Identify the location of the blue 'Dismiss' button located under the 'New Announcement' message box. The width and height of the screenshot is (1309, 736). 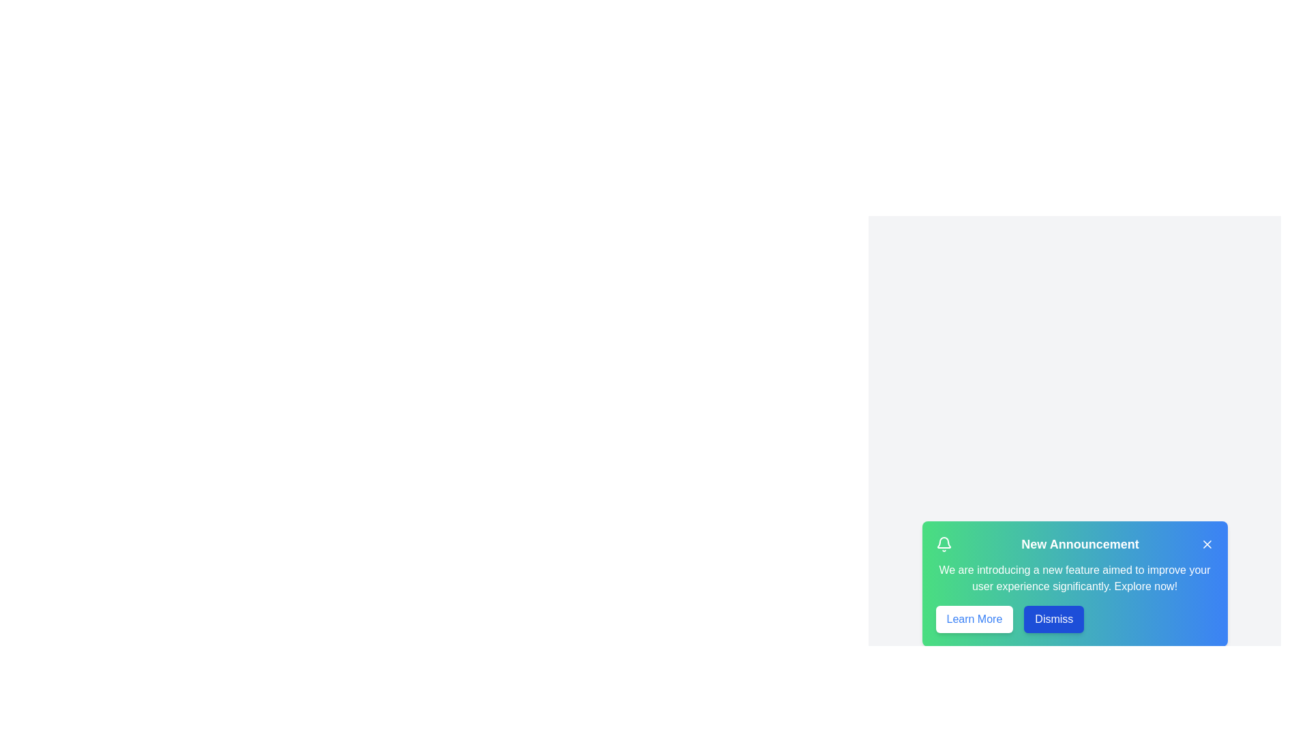
(1053, 619).